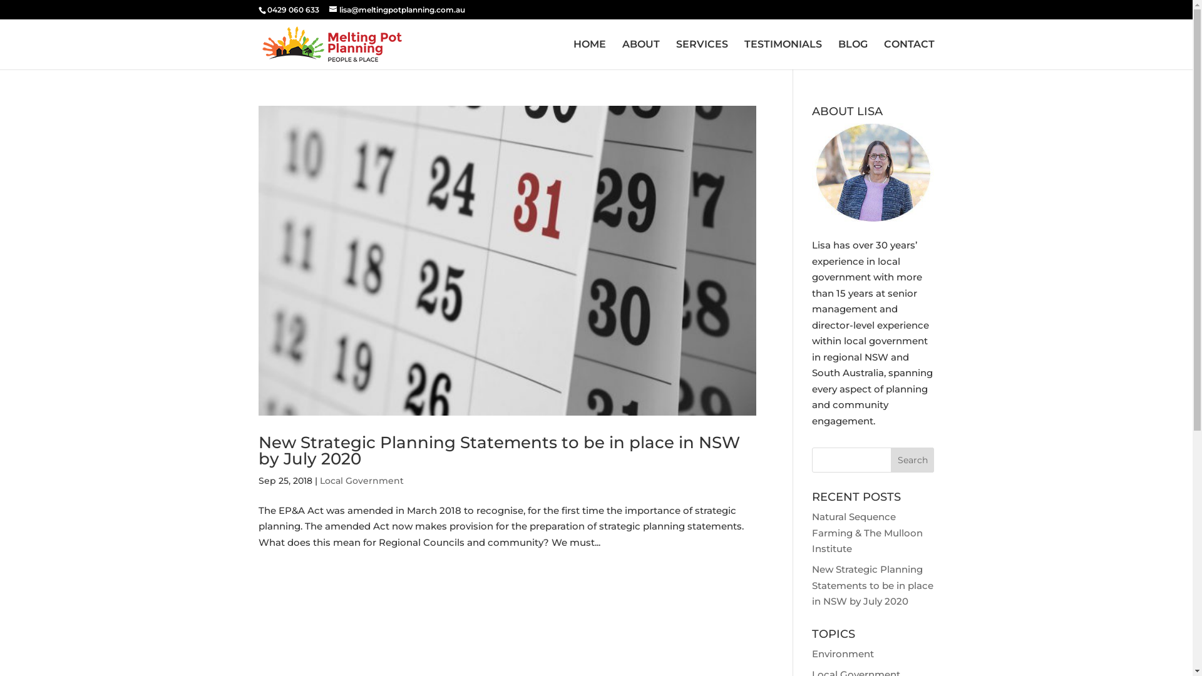  What do you see at coordinates (838, 54) in the screenshot?
I see `'BLOG'` at bounding box center [838, 54].